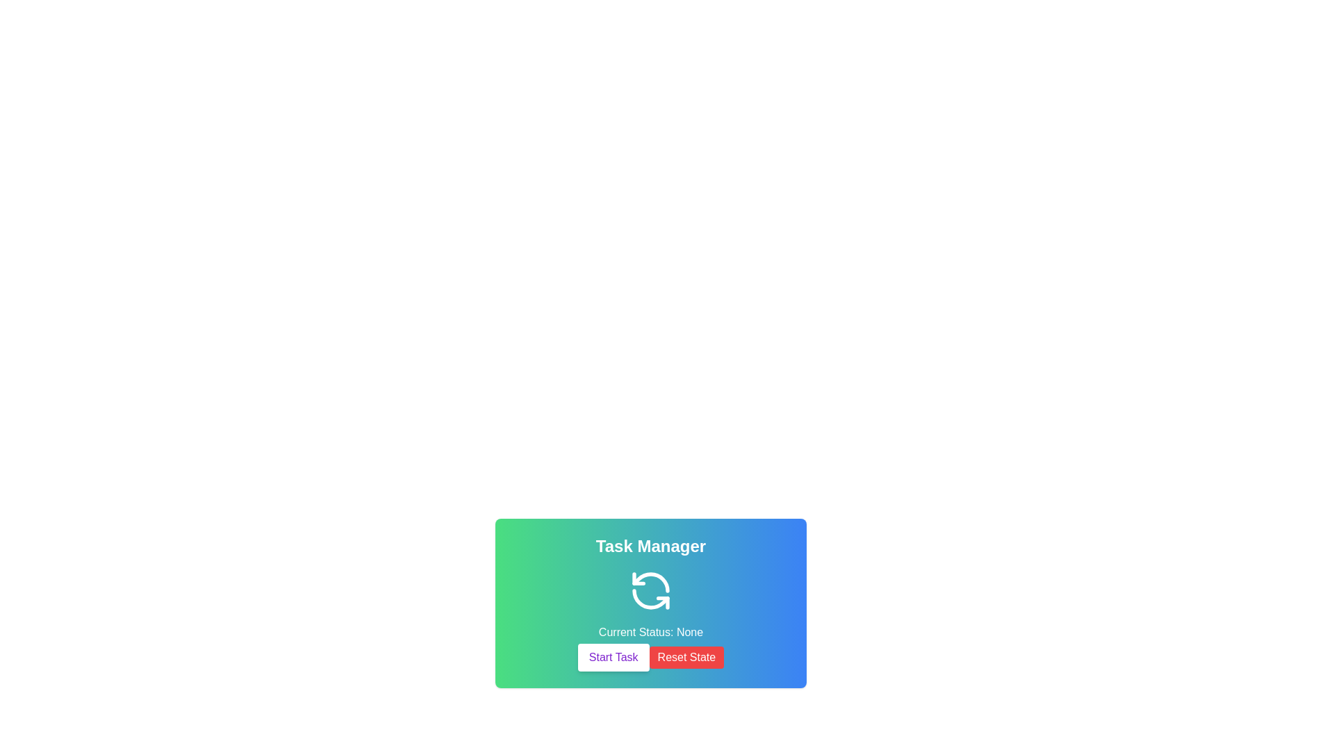  Describe the element at coordinates (650, 583) in the screenshot. I see `the topmost curved segment of the SVG-based circular icon, which is rendered in a white stroke on a multicolored background, located in the center of the interface's bottom section, above the 'Start Task' and 'Reset State' buttons` at that location.